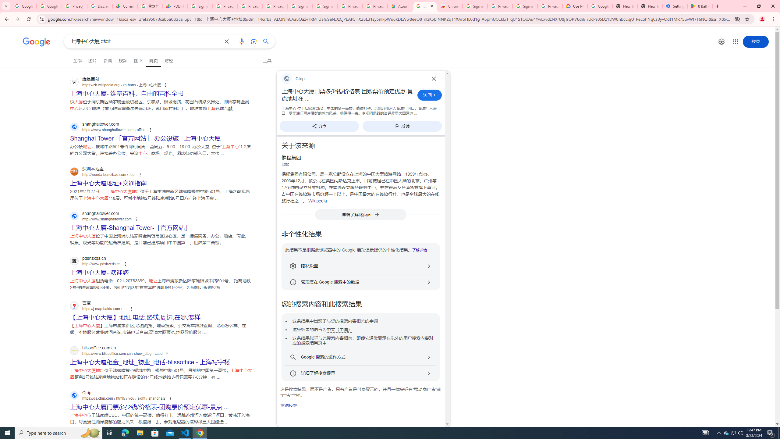  What do you see at coordinates (675, 6) in the screenshot?
I see `'Settings - System'` at bounding box center [675, 6].